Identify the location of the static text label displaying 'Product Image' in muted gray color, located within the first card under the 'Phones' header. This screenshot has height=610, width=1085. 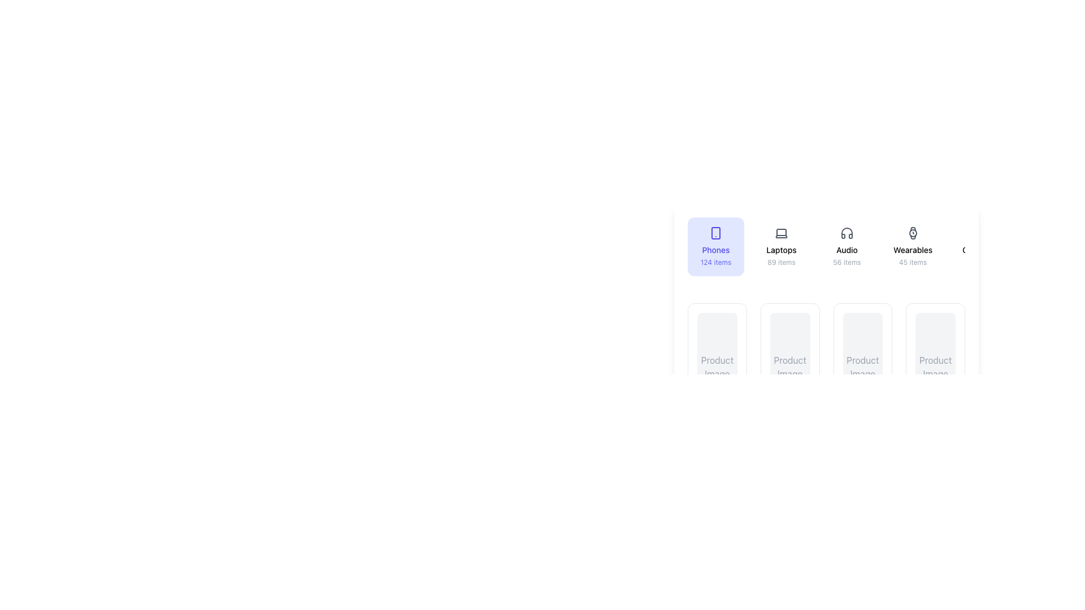
(717, 367).